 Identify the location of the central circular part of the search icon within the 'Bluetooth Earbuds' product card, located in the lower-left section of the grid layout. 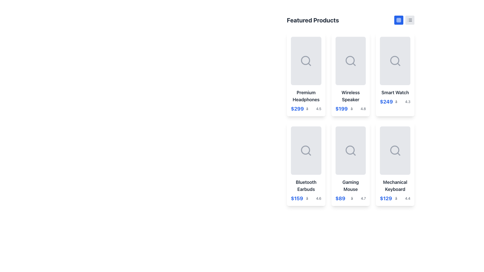
(305, 150).